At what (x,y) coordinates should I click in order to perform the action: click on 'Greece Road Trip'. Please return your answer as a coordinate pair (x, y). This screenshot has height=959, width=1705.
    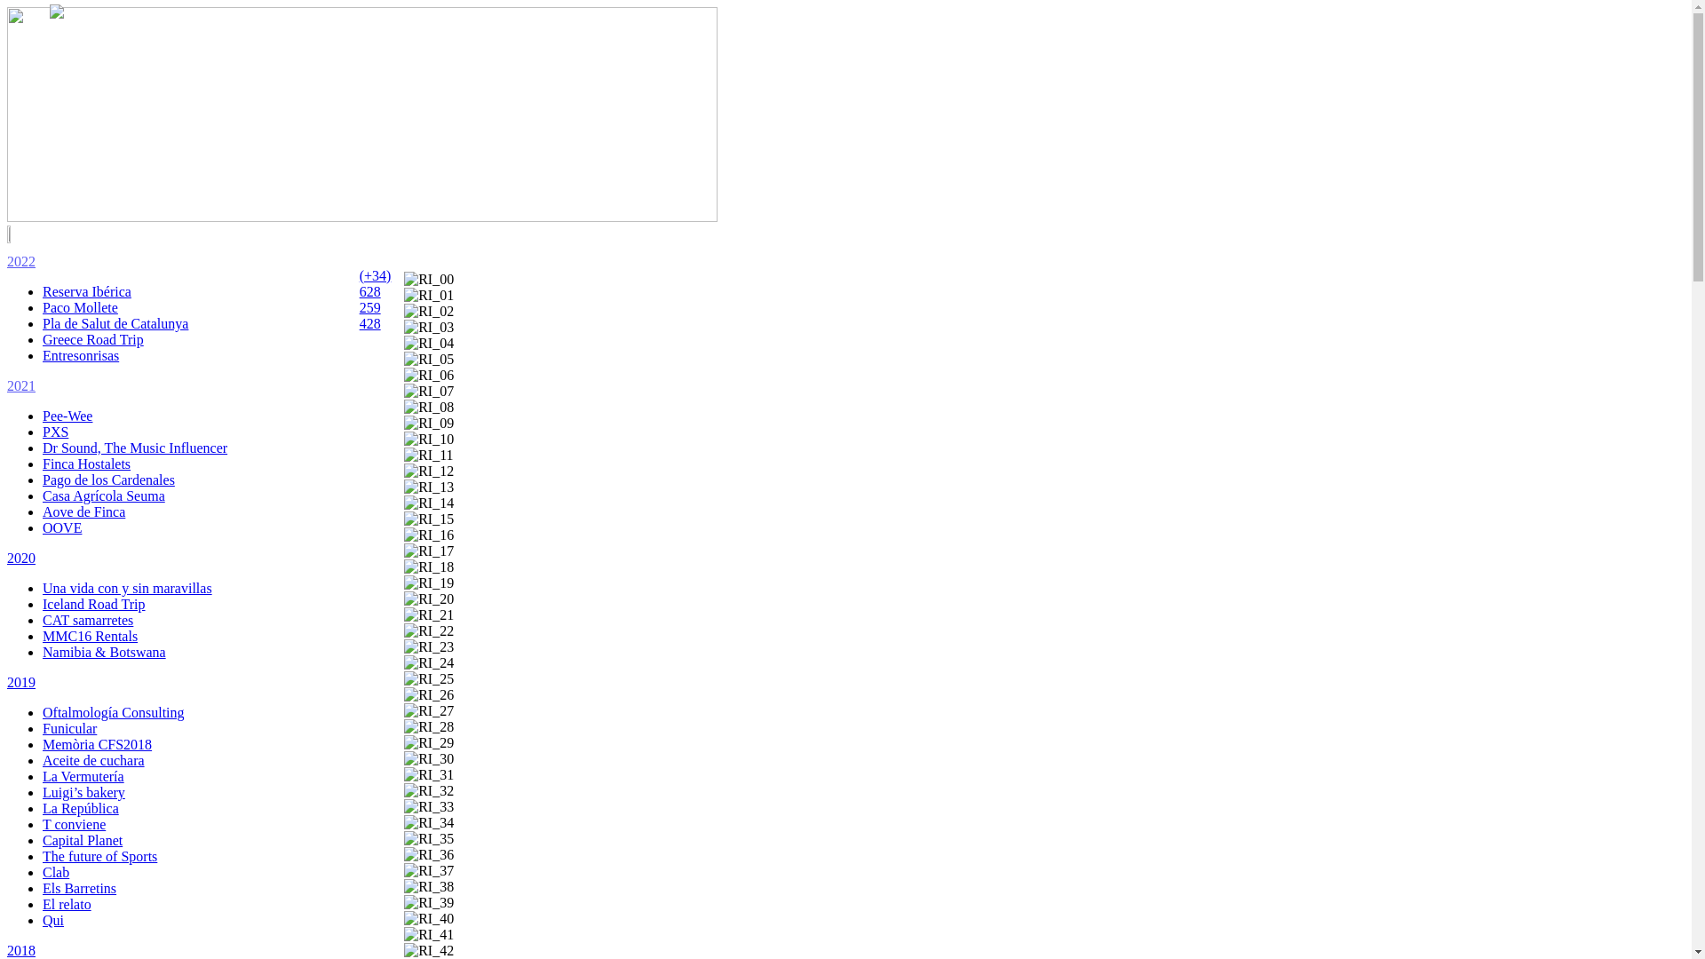
    Looking at the image, I should click on (92, 339).